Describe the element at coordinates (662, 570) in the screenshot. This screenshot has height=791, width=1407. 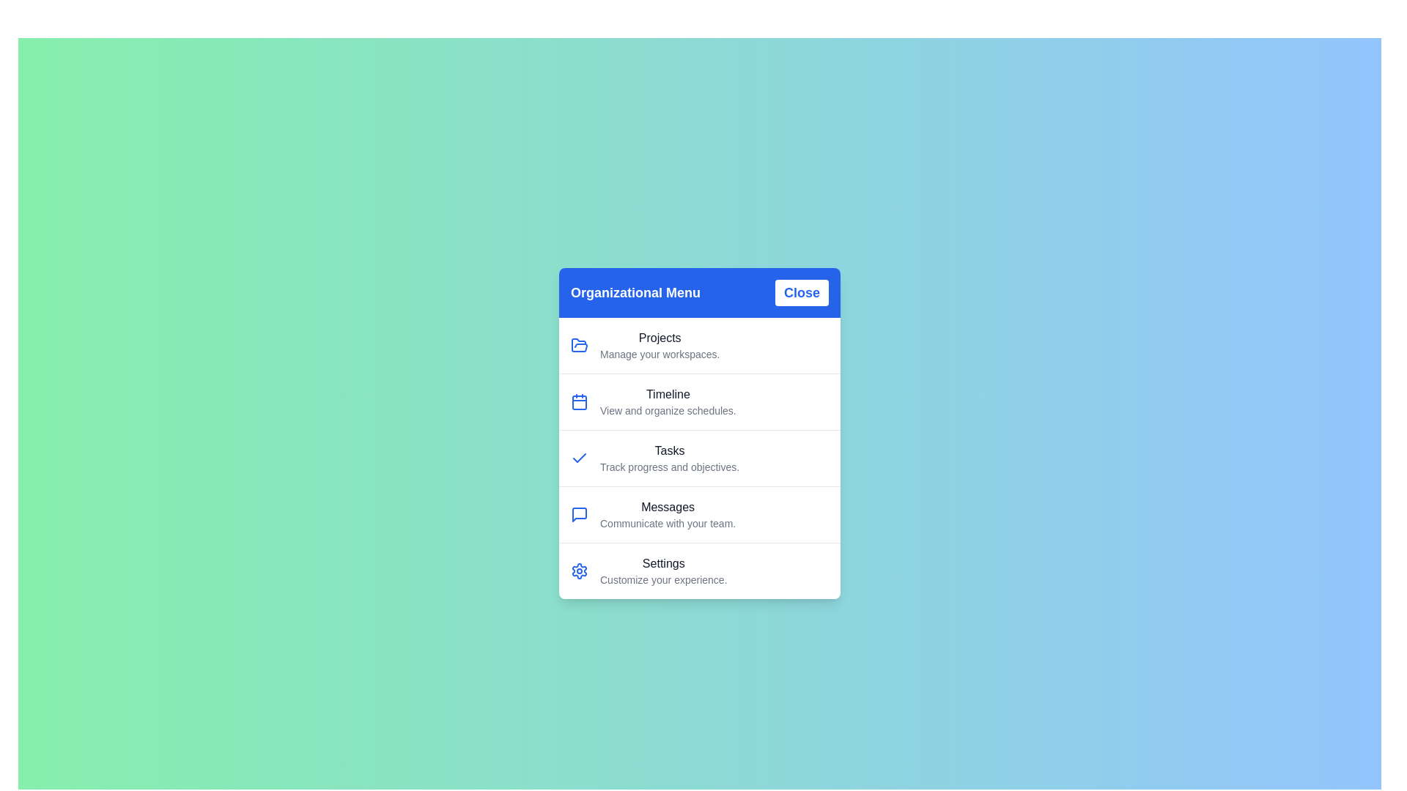
I see `the menu item labeled 'Settings' to view its details` at that location.